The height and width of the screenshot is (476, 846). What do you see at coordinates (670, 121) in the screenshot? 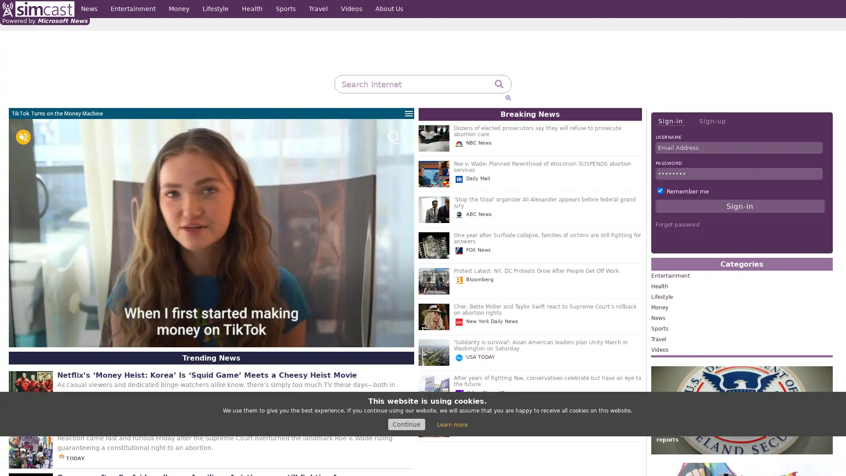
I see `Sign-in` at bounding box center [670, 121].